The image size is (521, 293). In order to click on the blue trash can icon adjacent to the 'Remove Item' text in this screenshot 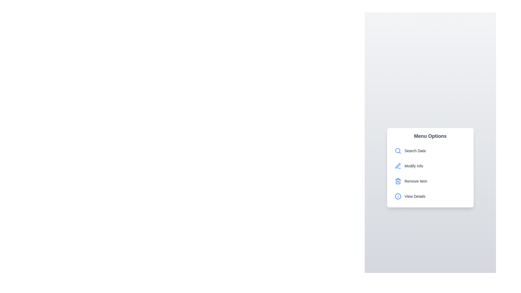, I will do `click(398, 181)`.